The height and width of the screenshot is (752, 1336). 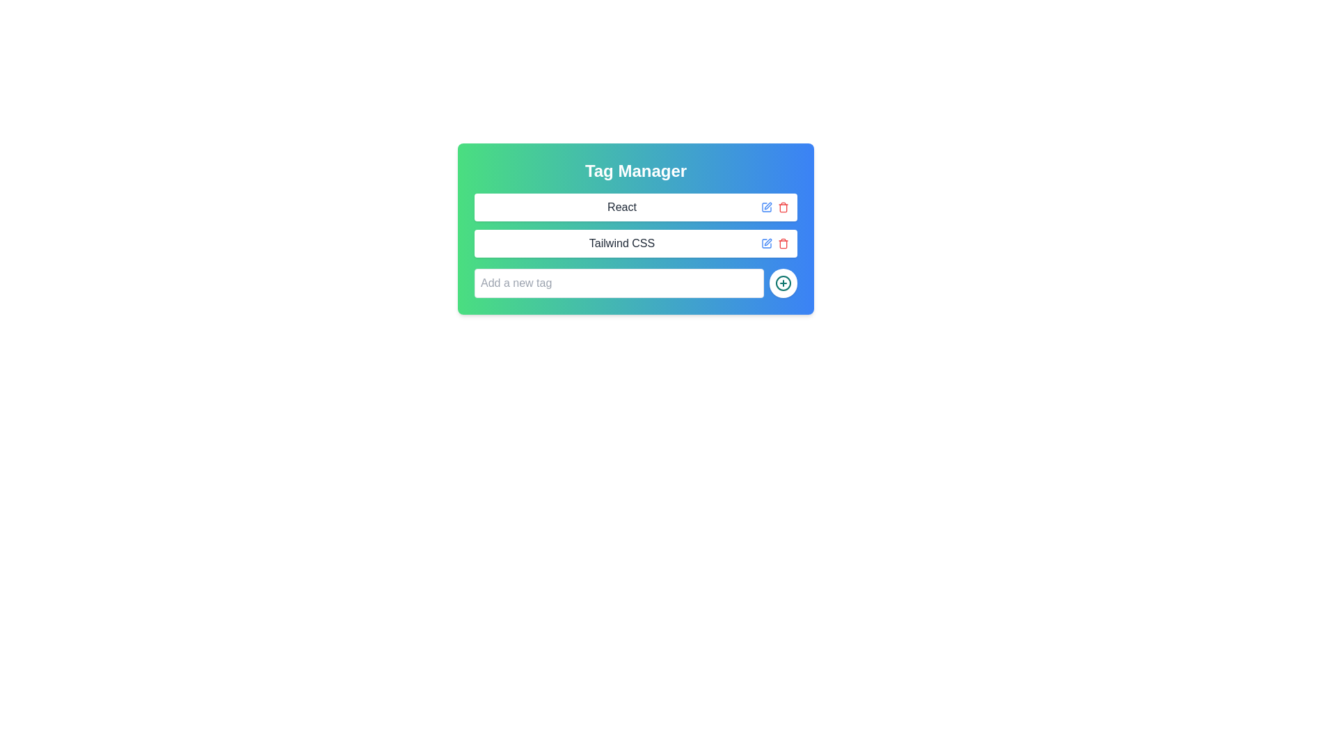 What do you see at coordinates (784, 207) in the screenshot?
I see `the deletion button located to the right of the 'React' label` at bounding box center [784, 207].